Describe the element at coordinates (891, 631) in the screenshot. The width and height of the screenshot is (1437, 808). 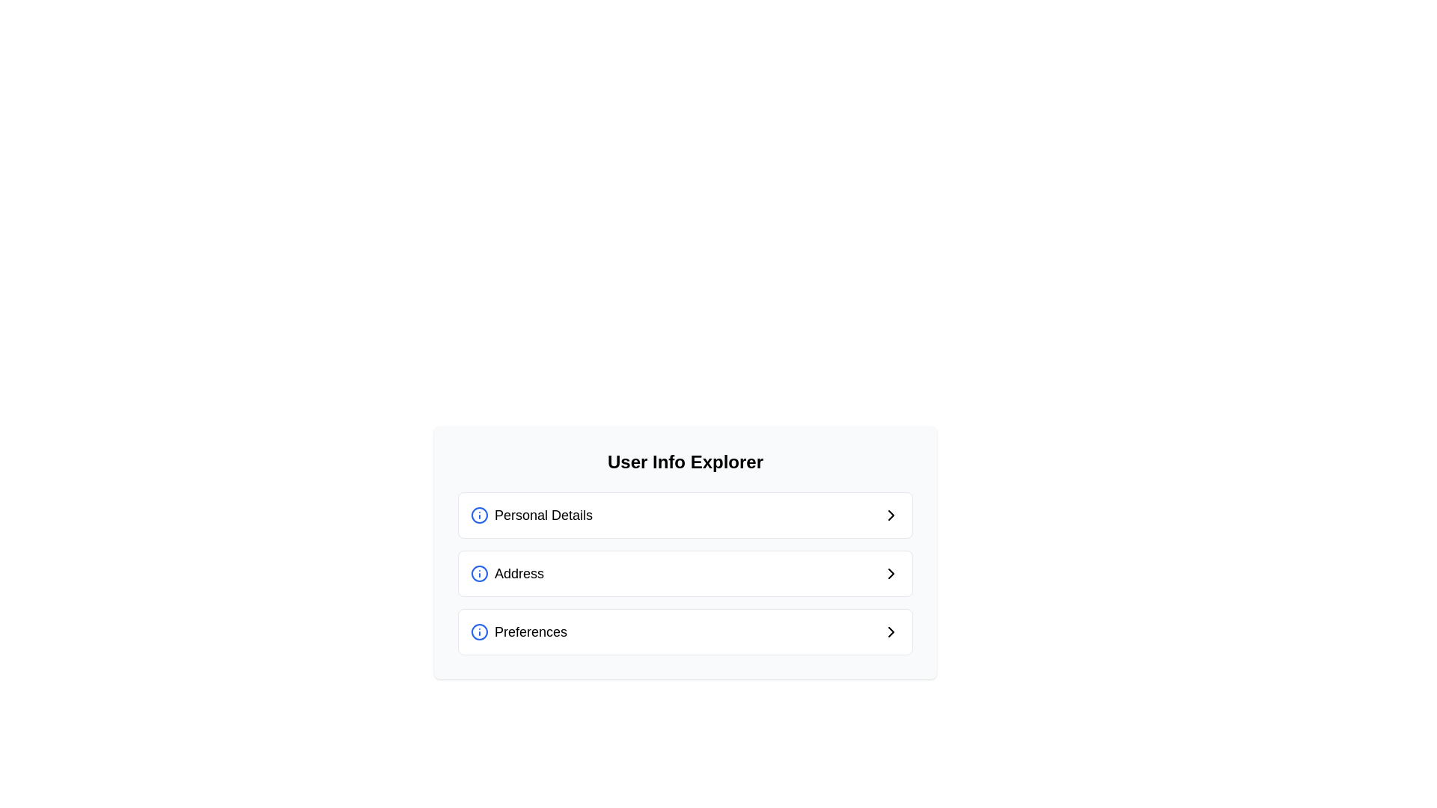
I see `the chevron-right icon associated with the 'Preferences' button in the 'User Info Explorer' section to proceed to the 'Preferences' page` at that location.